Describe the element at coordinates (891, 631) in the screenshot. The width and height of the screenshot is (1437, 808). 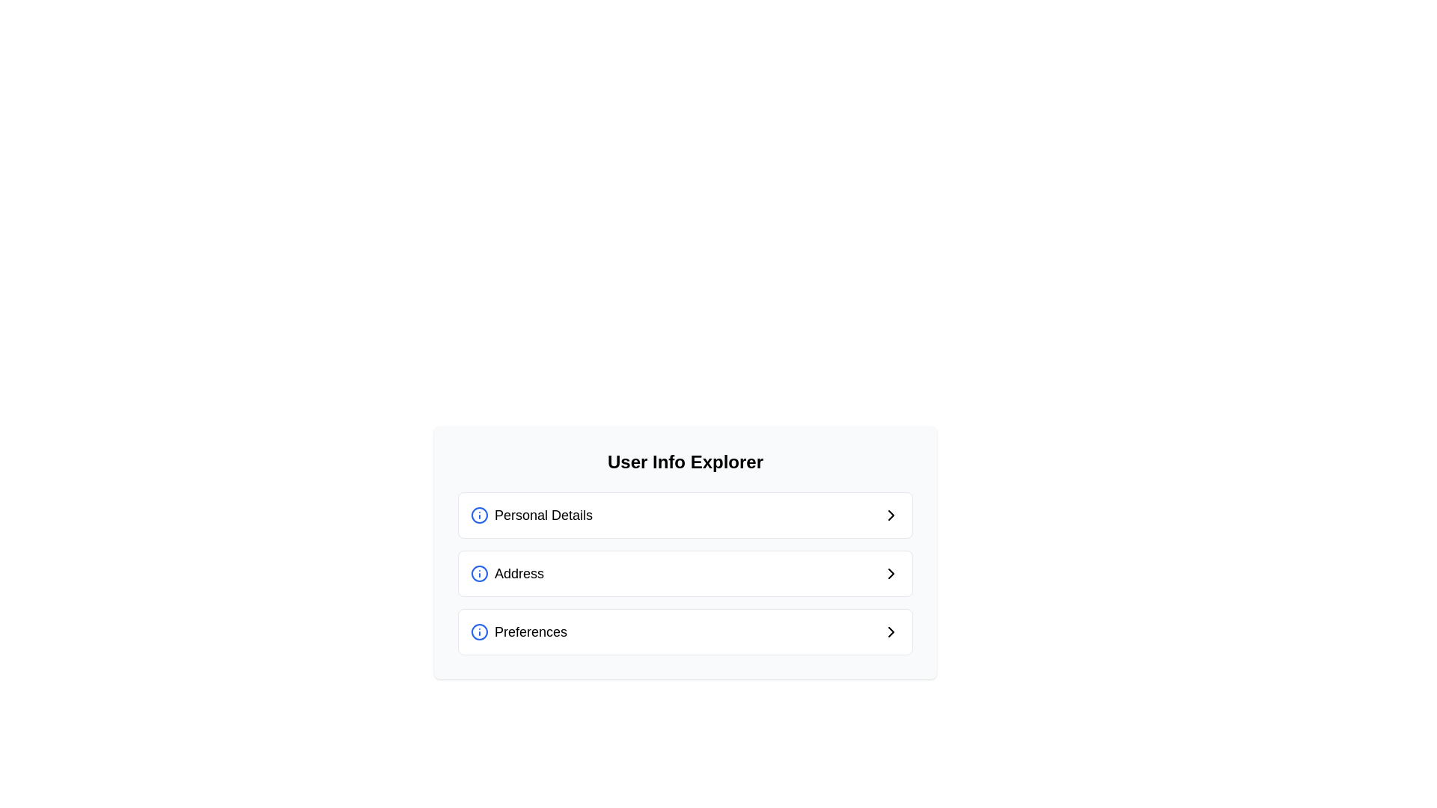
I see `the chevron-right icon associated with the 'Preferences' button in the 'User Info Explorer' section to proceed to the 'Preferences' page` at that location.